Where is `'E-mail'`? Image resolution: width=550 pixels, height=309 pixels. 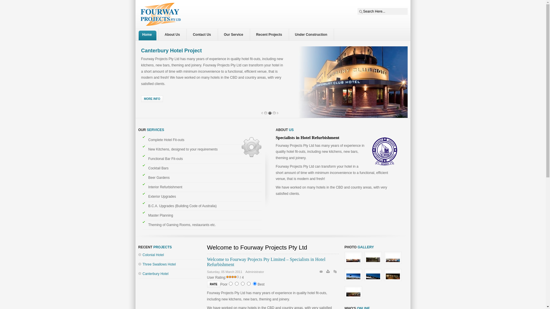 'E-mail' is located at coordinates (322, 272).